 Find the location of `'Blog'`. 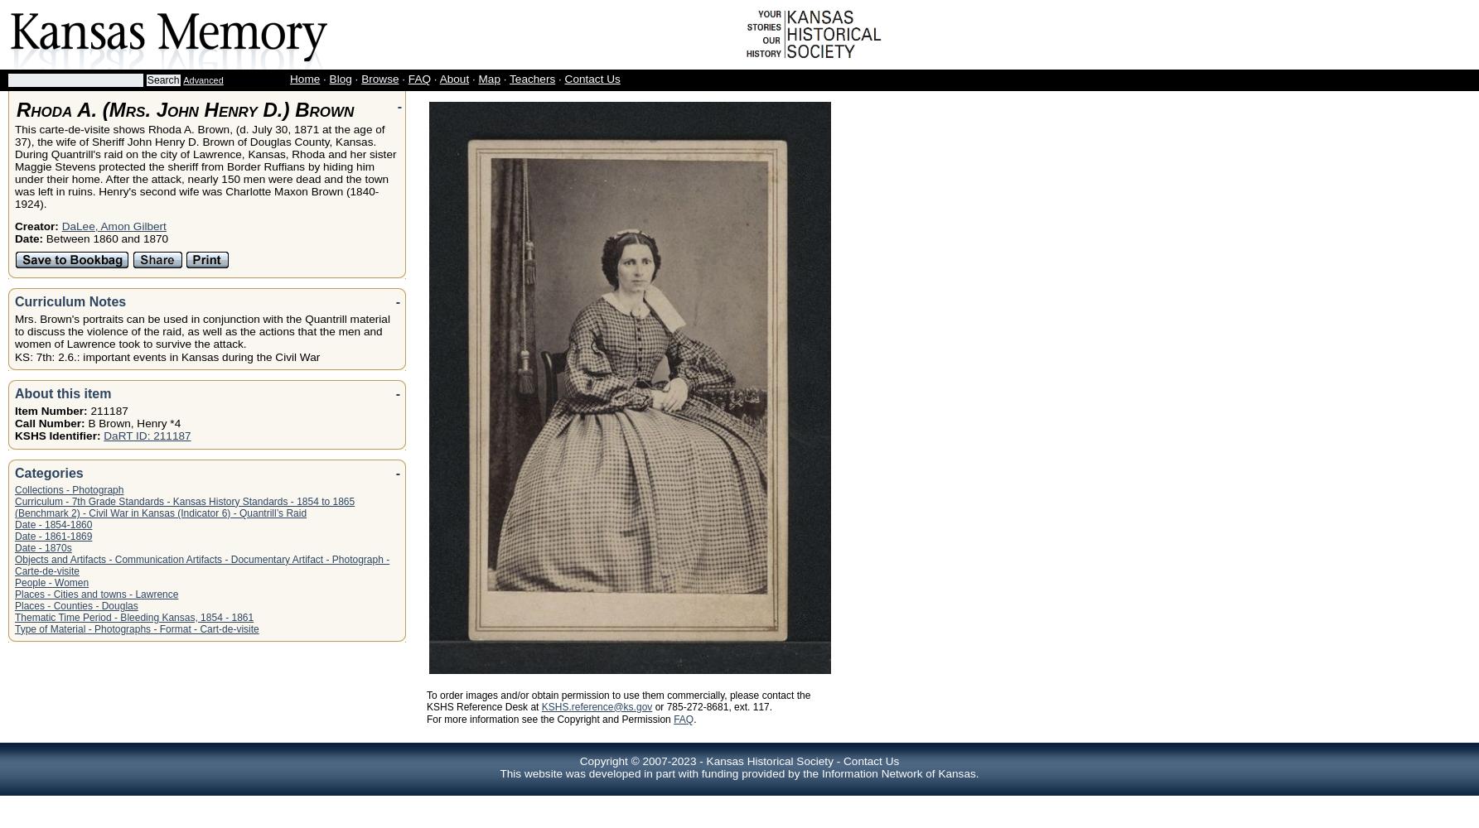

'Blog' is located at coordinates (339, 78).